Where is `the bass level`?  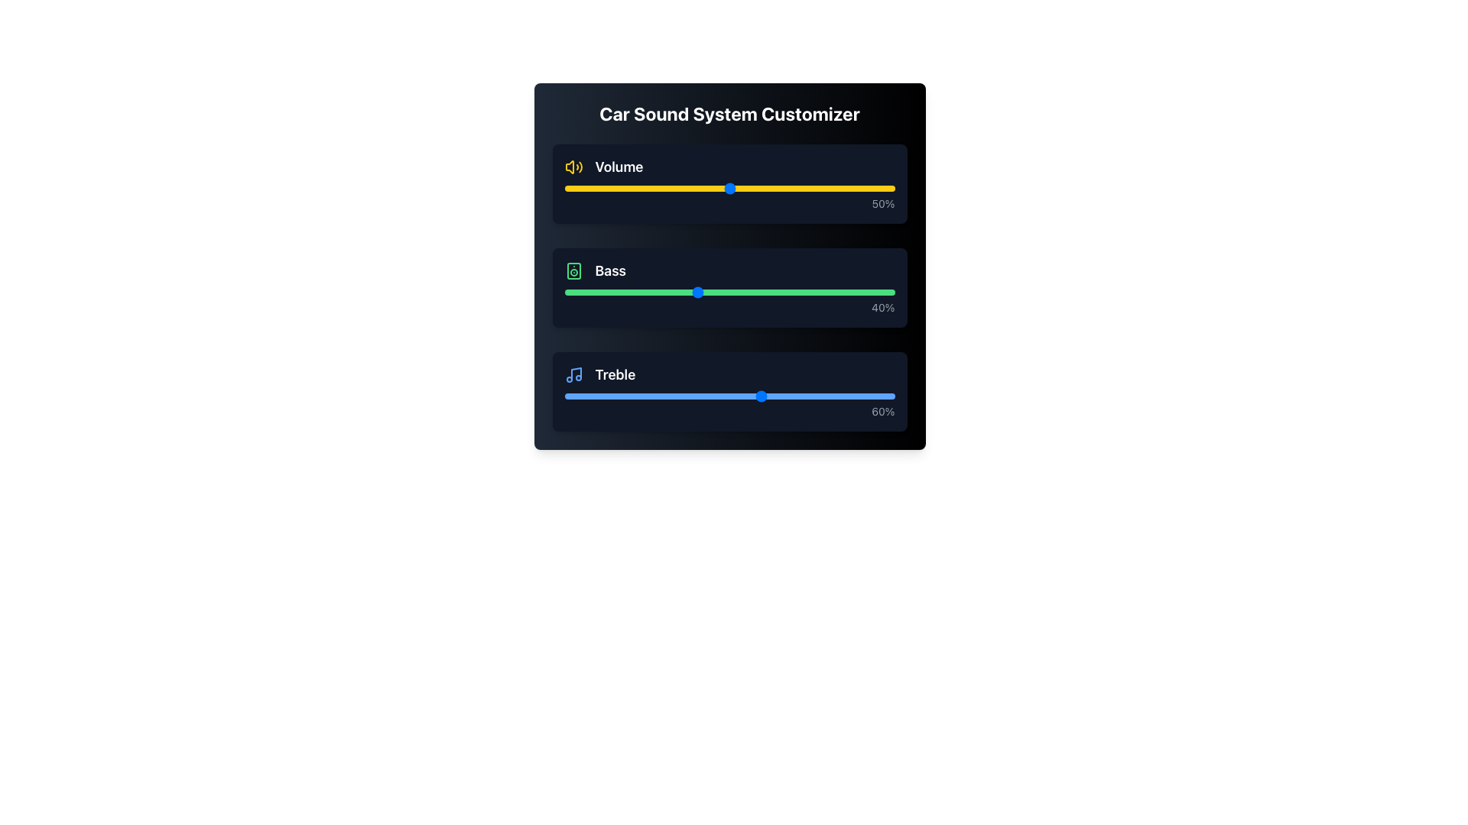 the bass level is located at coordinates (682, 292).